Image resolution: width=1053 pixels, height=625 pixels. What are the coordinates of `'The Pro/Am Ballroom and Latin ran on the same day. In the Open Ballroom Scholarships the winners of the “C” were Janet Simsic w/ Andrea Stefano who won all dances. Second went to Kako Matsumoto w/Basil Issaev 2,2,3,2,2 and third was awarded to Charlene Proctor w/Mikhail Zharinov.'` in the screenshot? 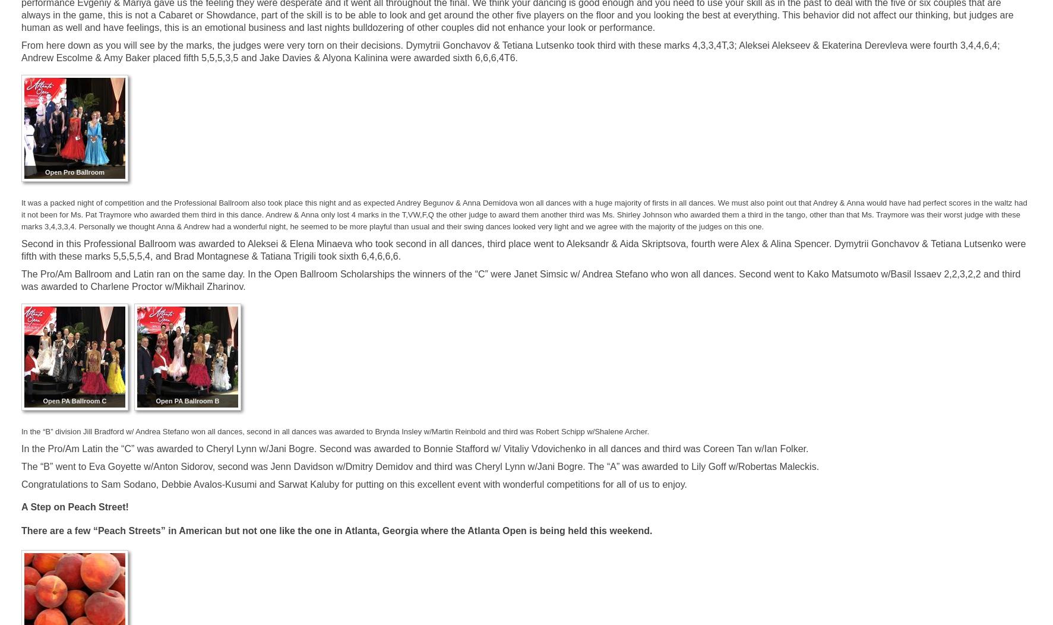 It's located at (520, 280).